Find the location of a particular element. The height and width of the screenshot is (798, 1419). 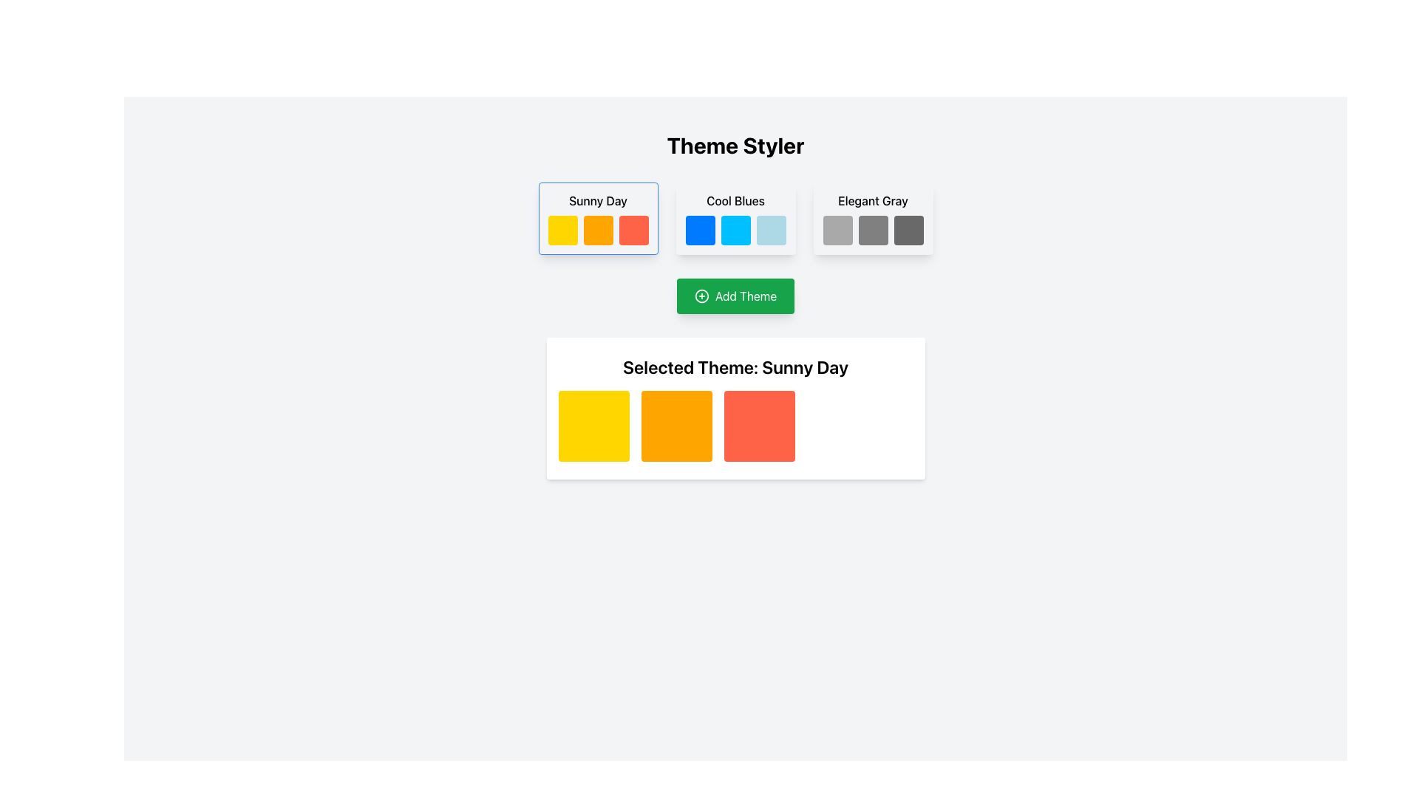

the first decorative shape indicating a color option in the theme palette located beneath the 'Elegant Gray' title is located at coordinates (837, 231).